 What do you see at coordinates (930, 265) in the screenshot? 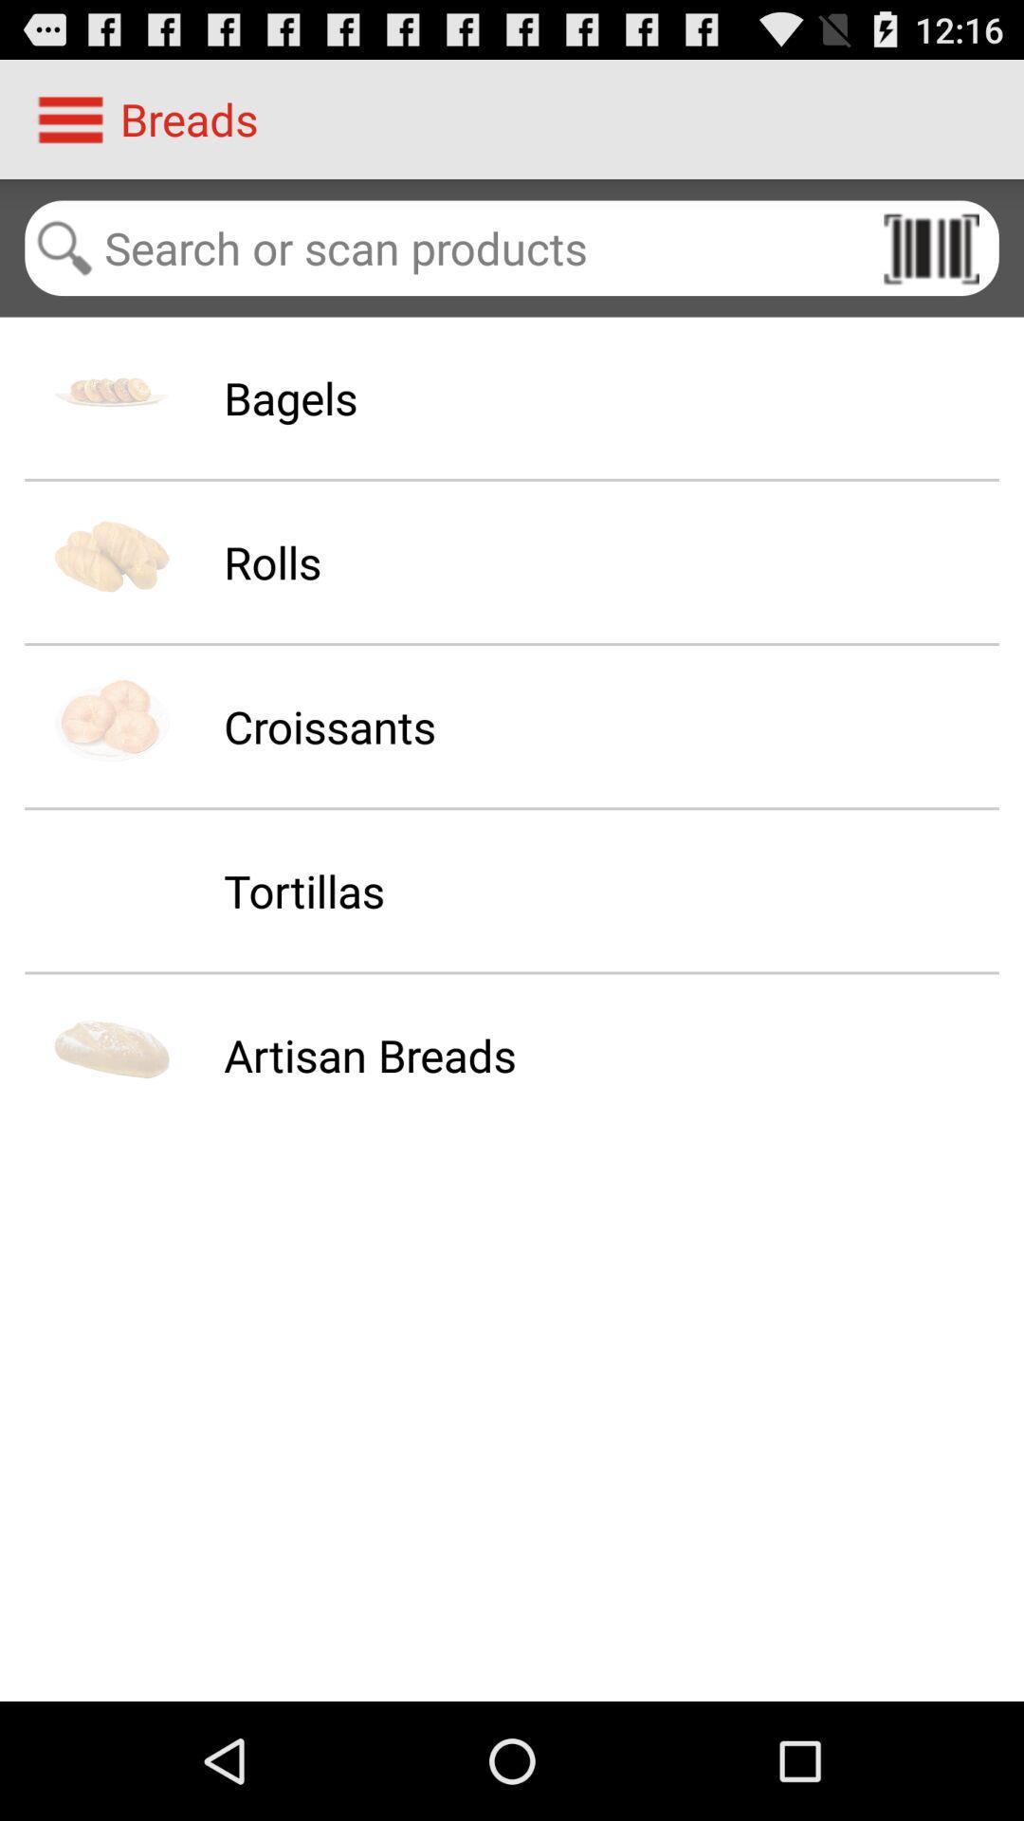
I see `the pause icon` at bounding box center [930, 265].